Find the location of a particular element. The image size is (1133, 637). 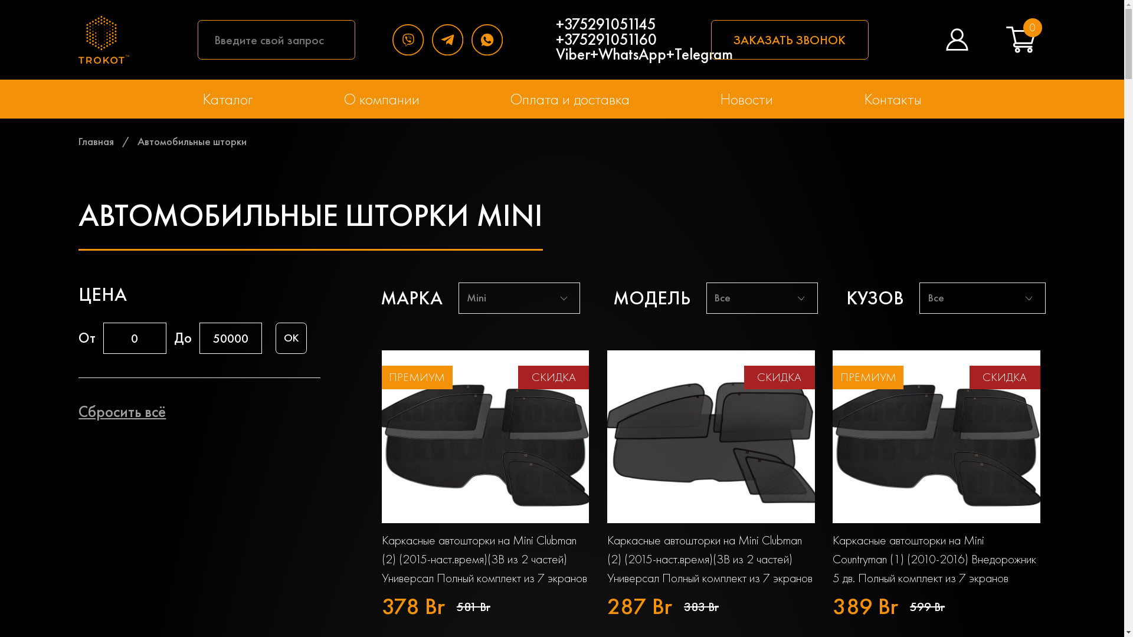

'Telegram' is located at coordinates (451, 39).